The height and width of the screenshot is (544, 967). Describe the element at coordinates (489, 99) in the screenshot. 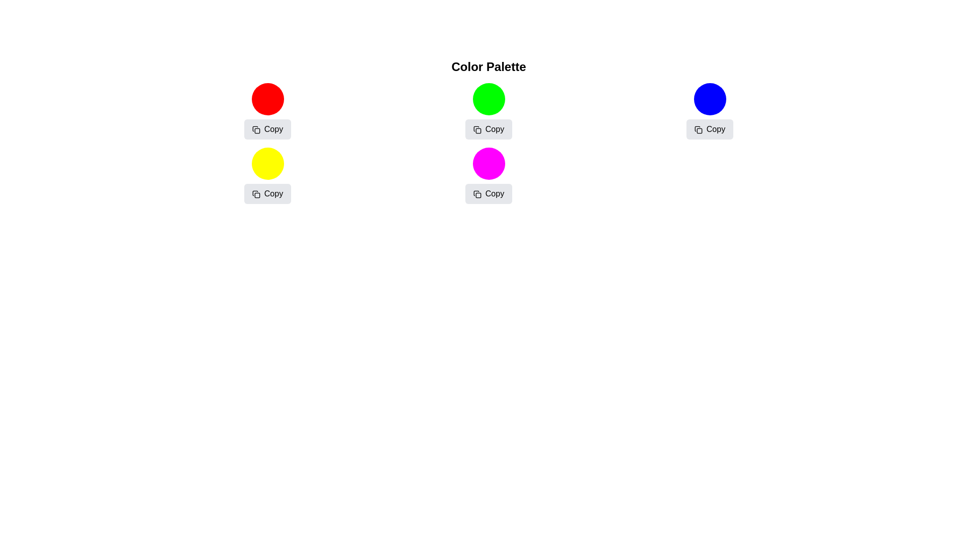

I see `the green circular Visual Indicator located above the 'Copy' button in the Color Palette section` at that location.